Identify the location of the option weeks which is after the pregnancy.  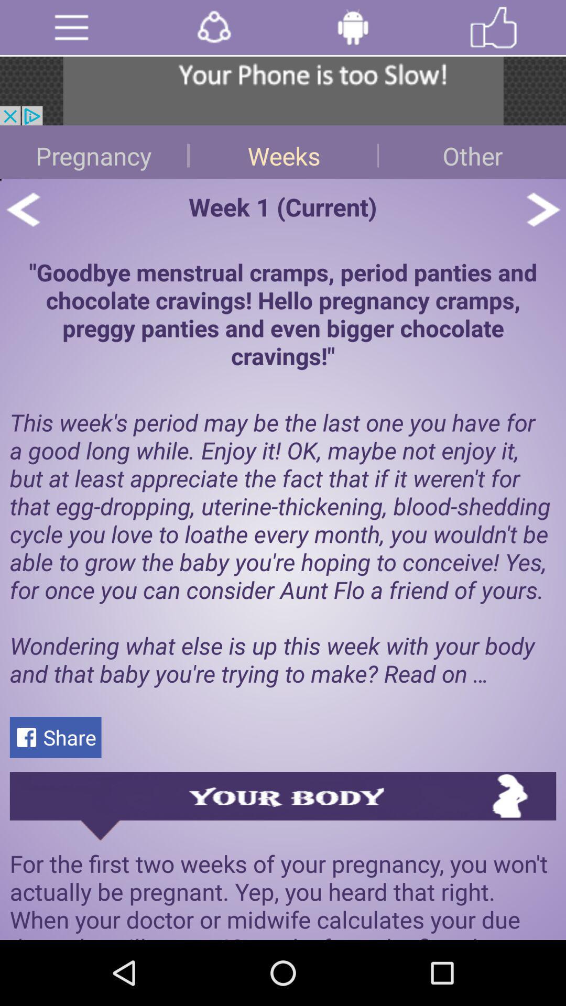
(283, 151).